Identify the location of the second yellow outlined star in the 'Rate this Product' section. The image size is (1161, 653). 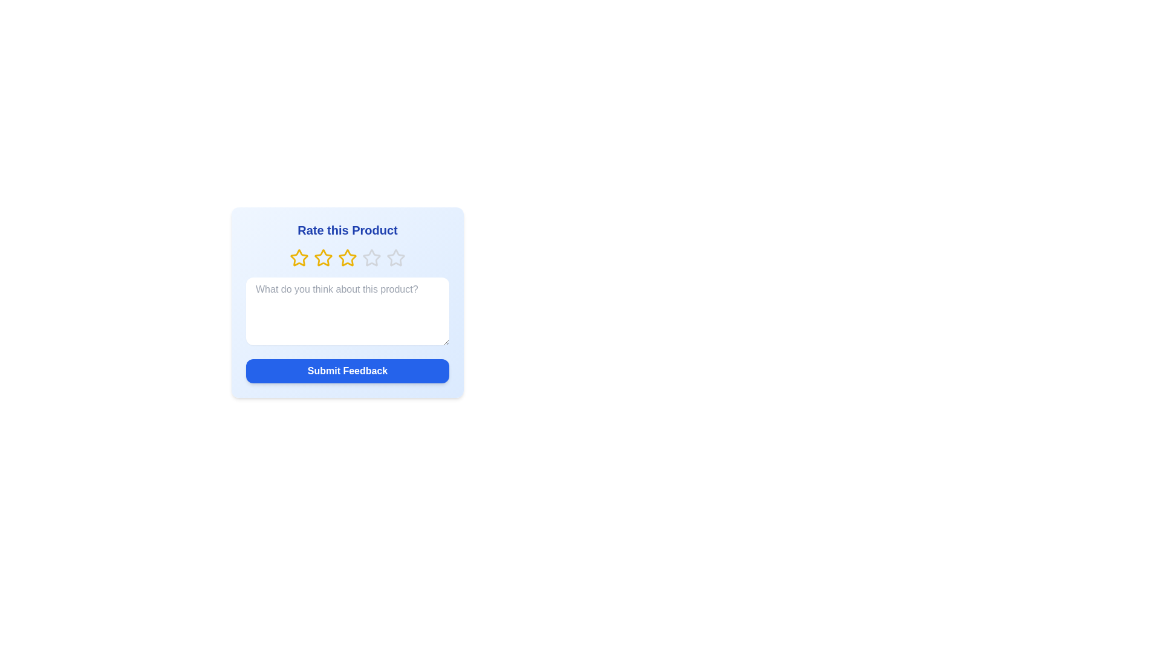
(322, 256).